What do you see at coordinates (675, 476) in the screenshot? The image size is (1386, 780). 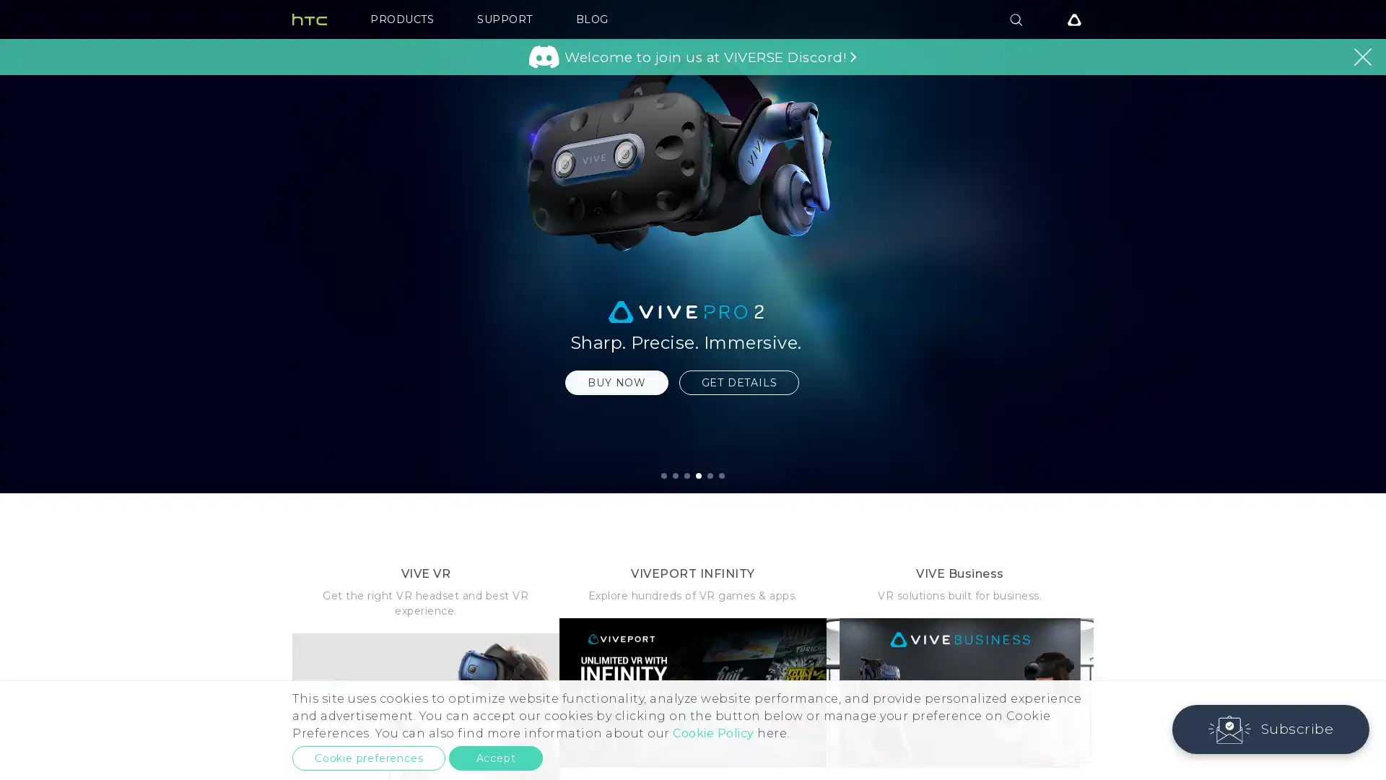 I see `2` at bounding box center [675, 476].